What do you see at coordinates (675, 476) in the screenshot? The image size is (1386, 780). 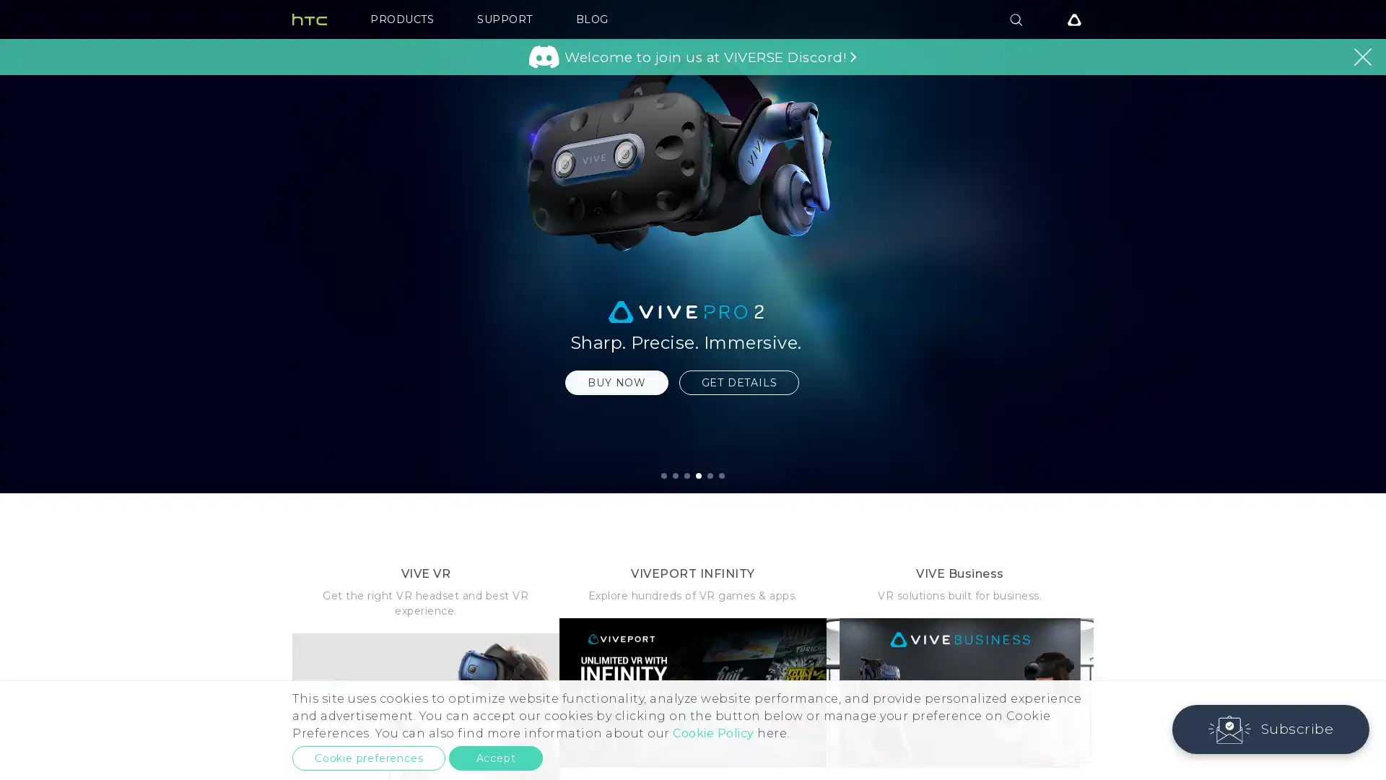 I see `2` at bounding box center [675, 476].